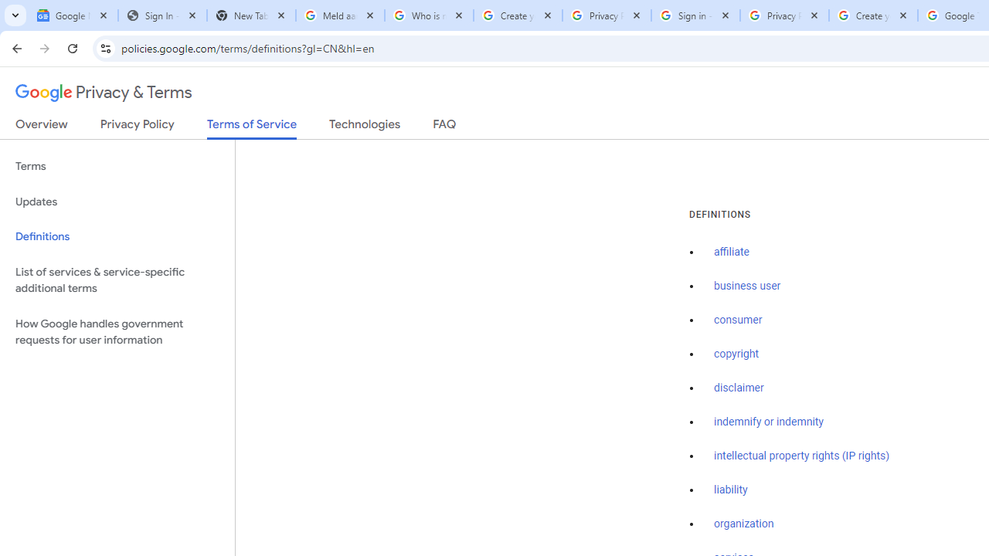 This screenshot has width=989, height=556. What do you see at coordinates (738, 387) in the screenshot?
I see `'disclaimer'` at bounding box center [738, 387].